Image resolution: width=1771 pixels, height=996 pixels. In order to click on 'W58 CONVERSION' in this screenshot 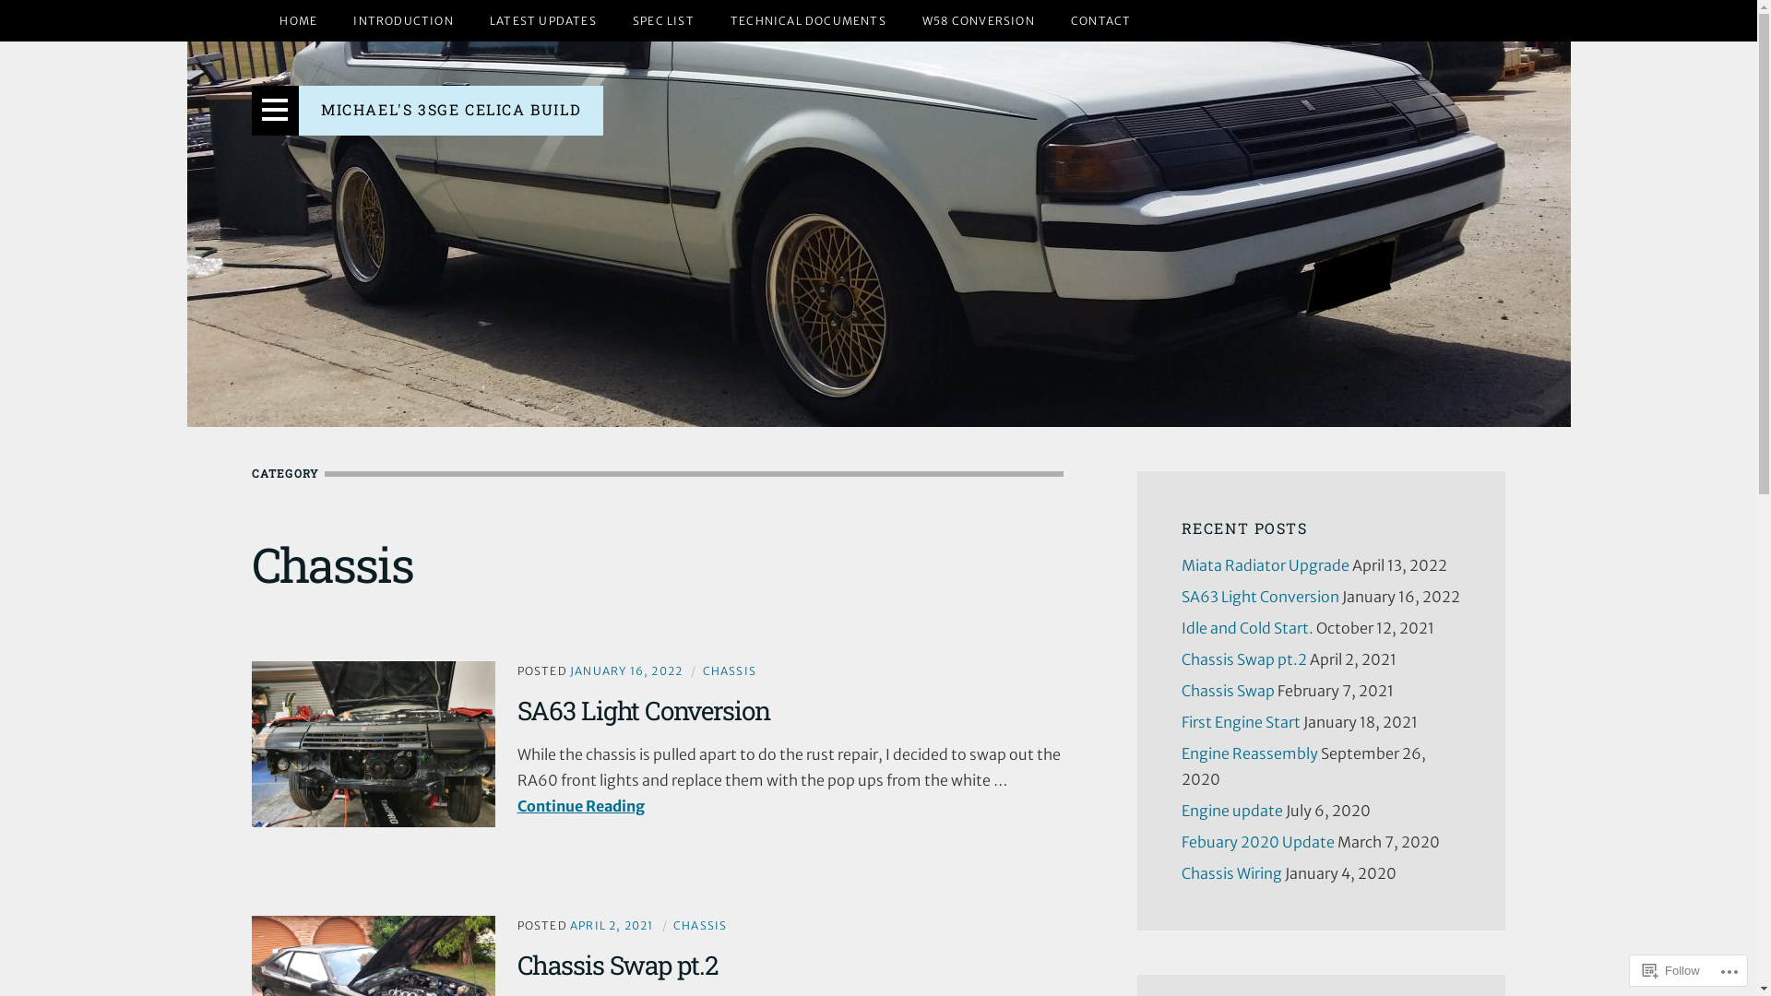, I will do `click(906, 20)`.